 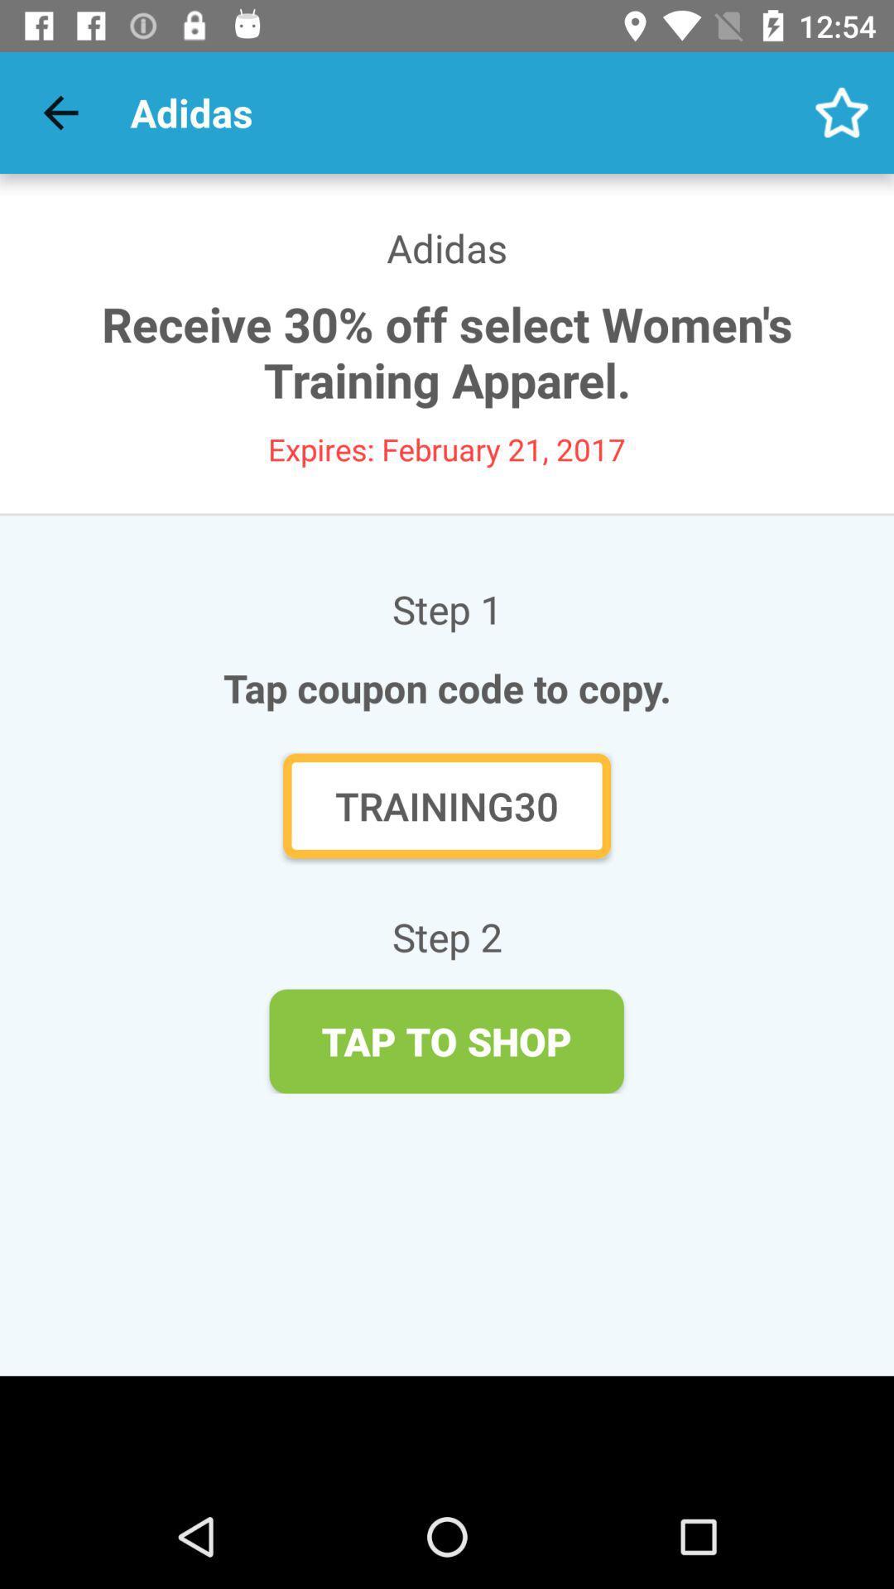 What do you see at coordinates (842, 112) in the screenshot?
I see `the icon to the right of adidas icon` at bounding box center [842, 112].